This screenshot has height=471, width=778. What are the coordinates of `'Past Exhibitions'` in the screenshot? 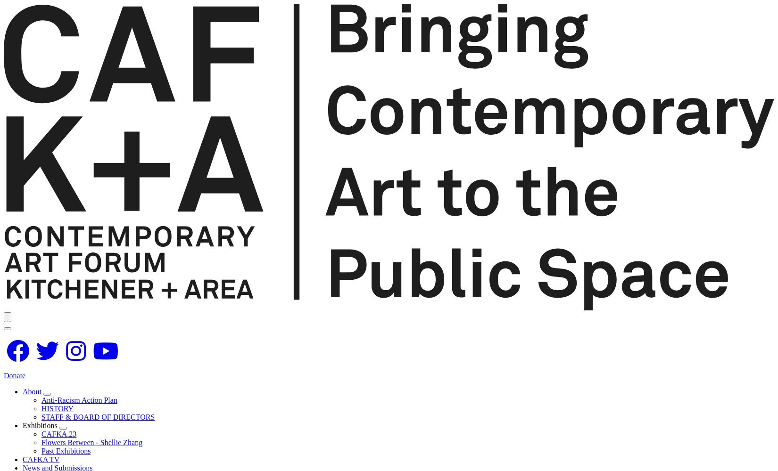 It's located at (66, 450).